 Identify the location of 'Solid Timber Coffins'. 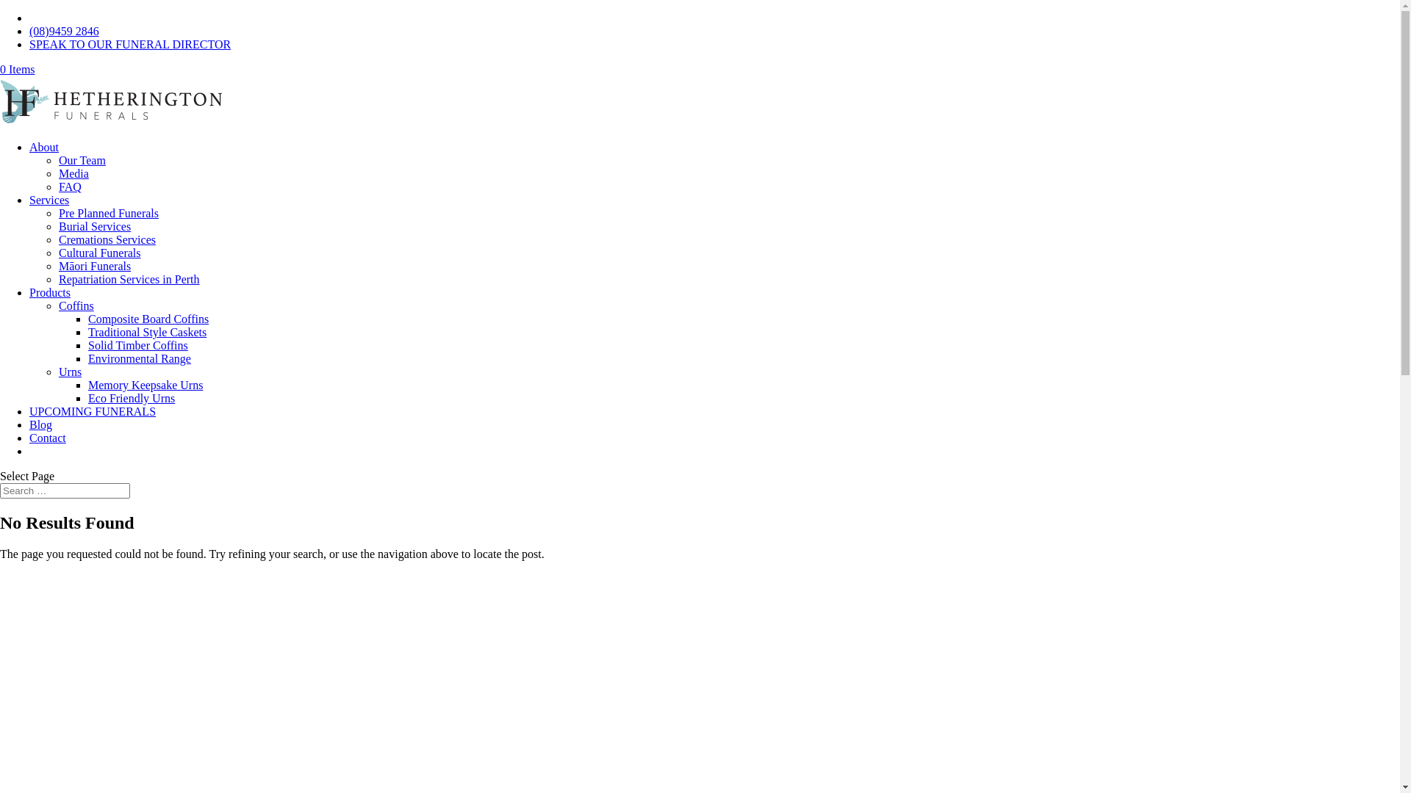
(137, 345).